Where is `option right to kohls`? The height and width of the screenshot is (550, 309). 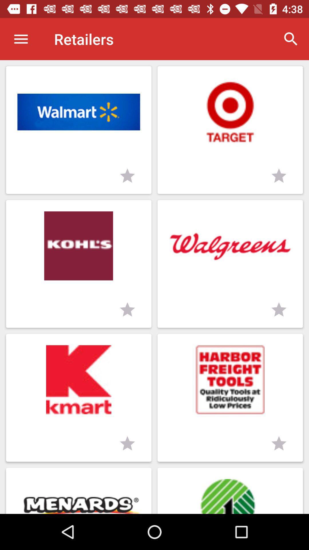 option right to kohls is located at coordinates (230, 264).